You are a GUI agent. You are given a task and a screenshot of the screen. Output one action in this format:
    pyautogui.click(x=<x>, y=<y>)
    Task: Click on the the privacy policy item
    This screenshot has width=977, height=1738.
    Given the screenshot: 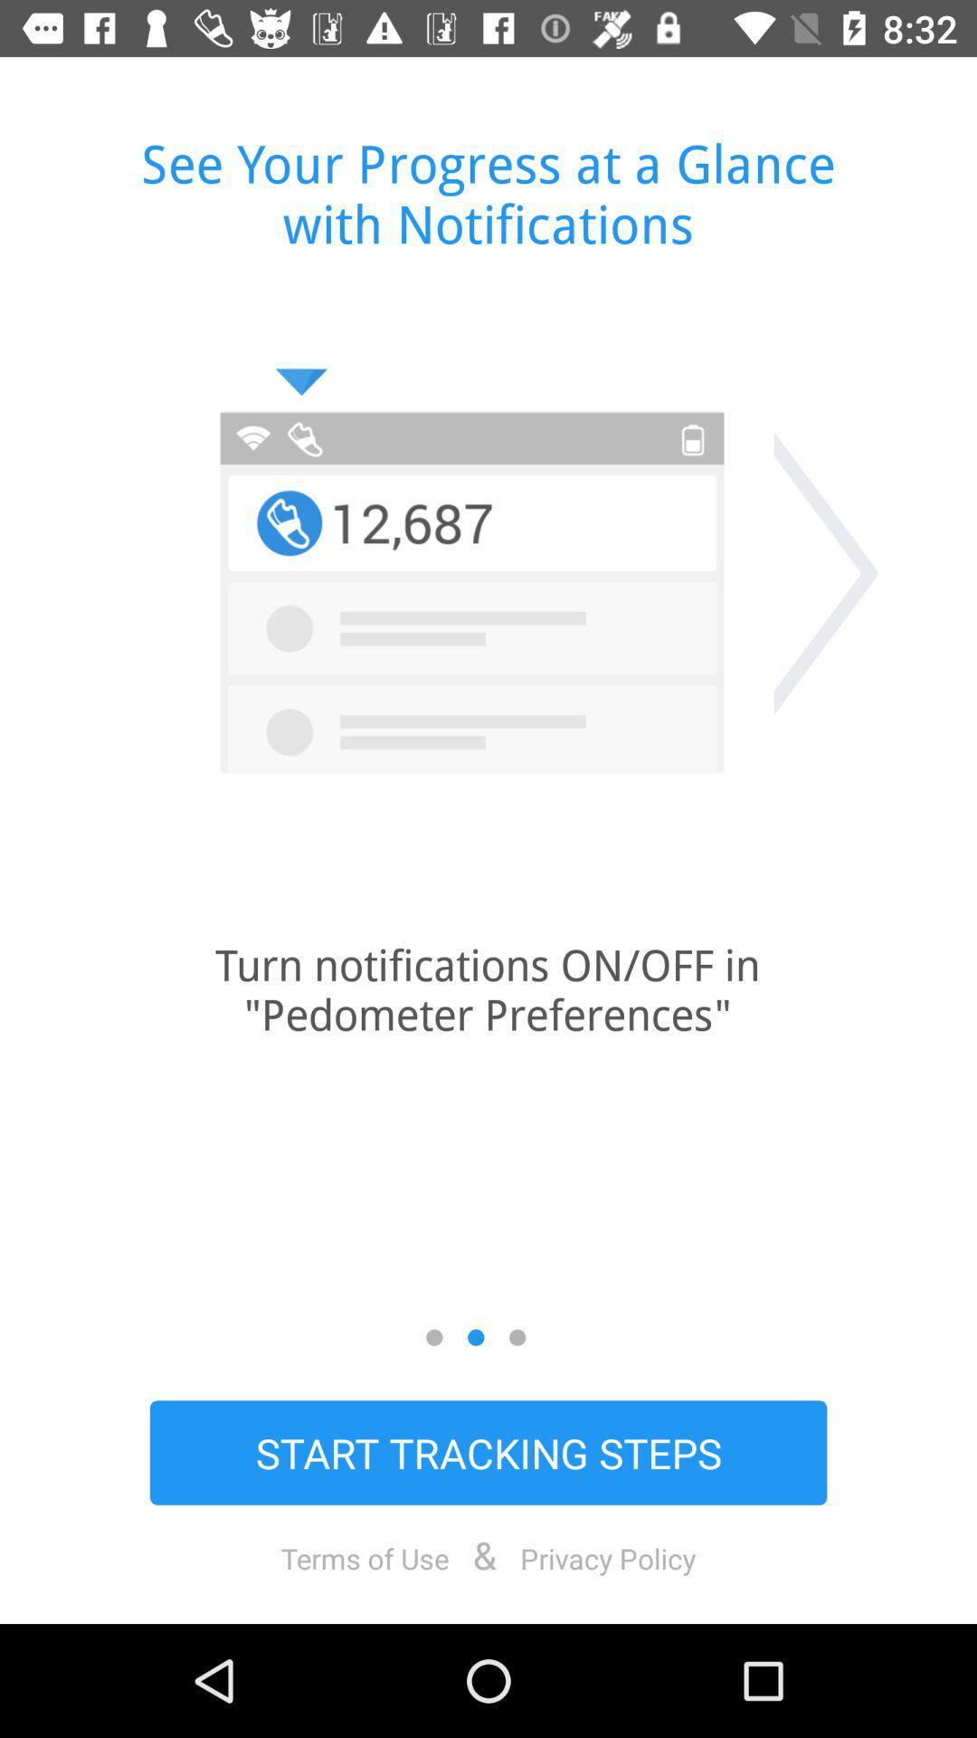 What is the action you would take?
    pyautogui.click(x=608, y=1557)
    